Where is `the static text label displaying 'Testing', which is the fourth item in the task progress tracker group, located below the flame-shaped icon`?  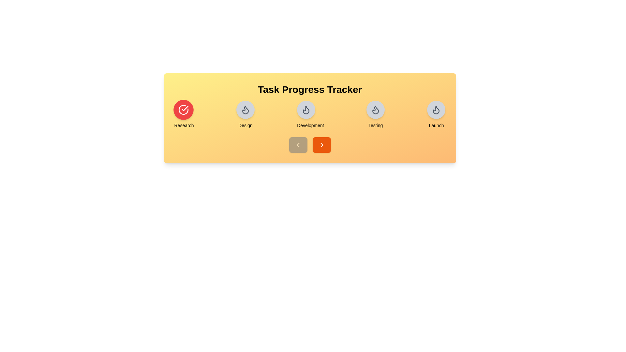
the static text label displaying 'Testing', which is the fourth item in the task progress tracker group, located below the flame-shaped icon is located at coordinates (376, 125).